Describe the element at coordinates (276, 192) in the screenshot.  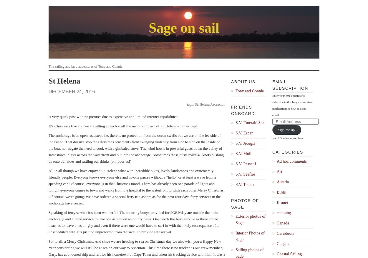
I see `'Birds'` at that location.